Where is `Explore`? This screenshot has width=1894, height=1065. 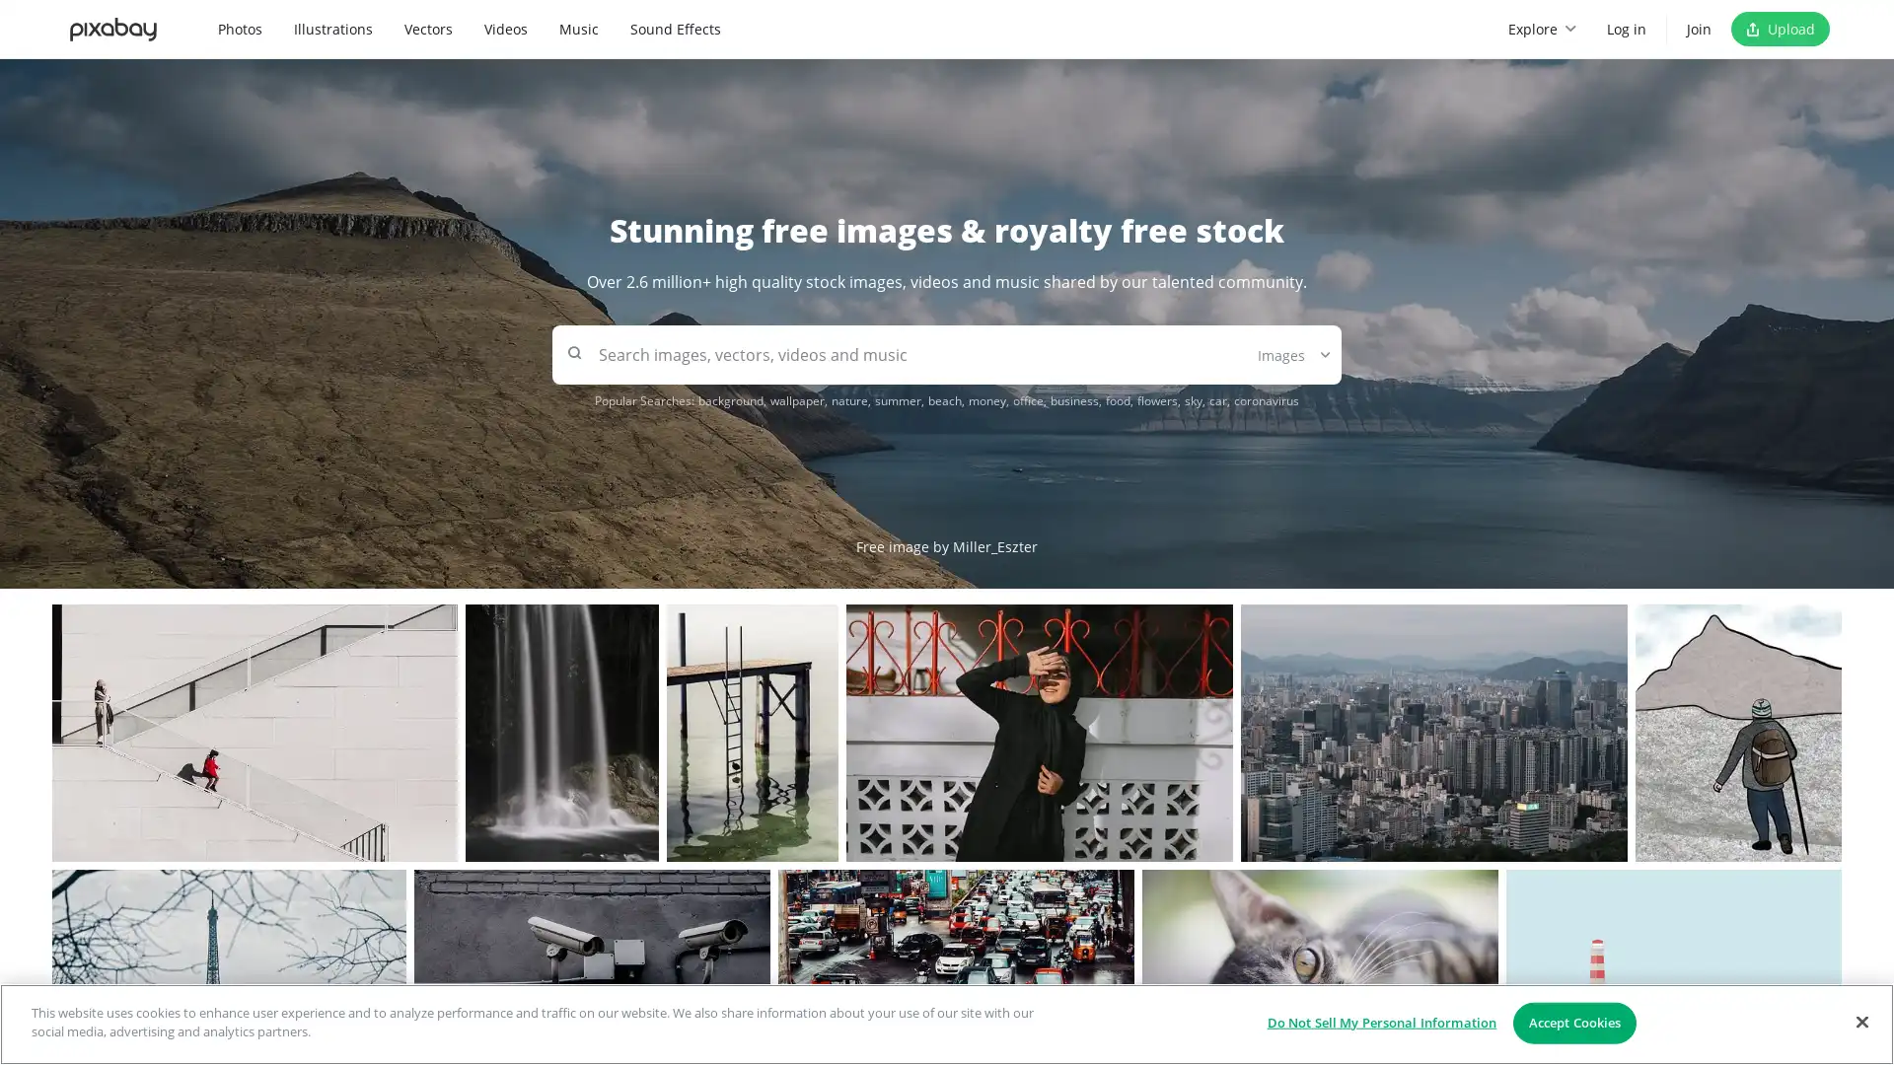
Explore is located at coordinates (1541, 29).